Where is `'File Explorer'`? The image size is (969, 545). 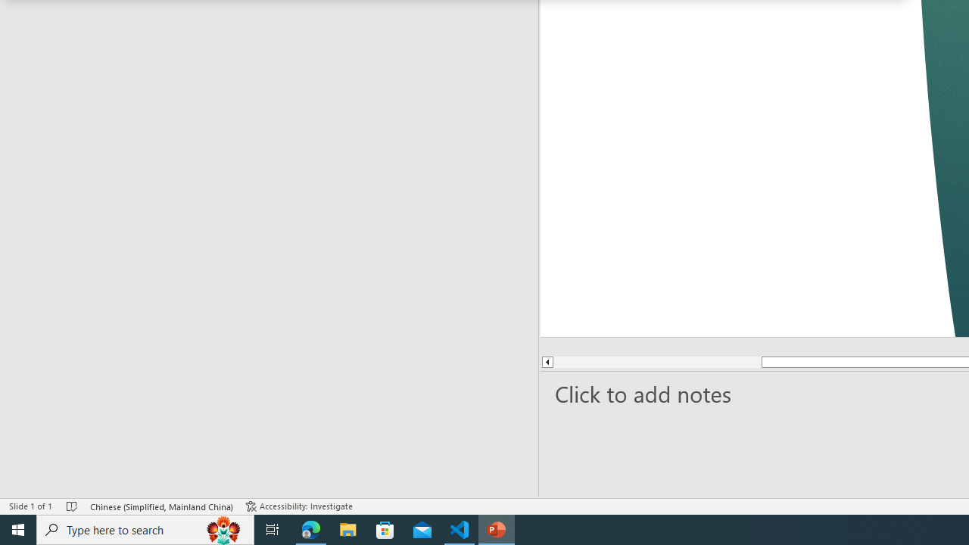
'File Explorer' is located at coordinates (347, 528).